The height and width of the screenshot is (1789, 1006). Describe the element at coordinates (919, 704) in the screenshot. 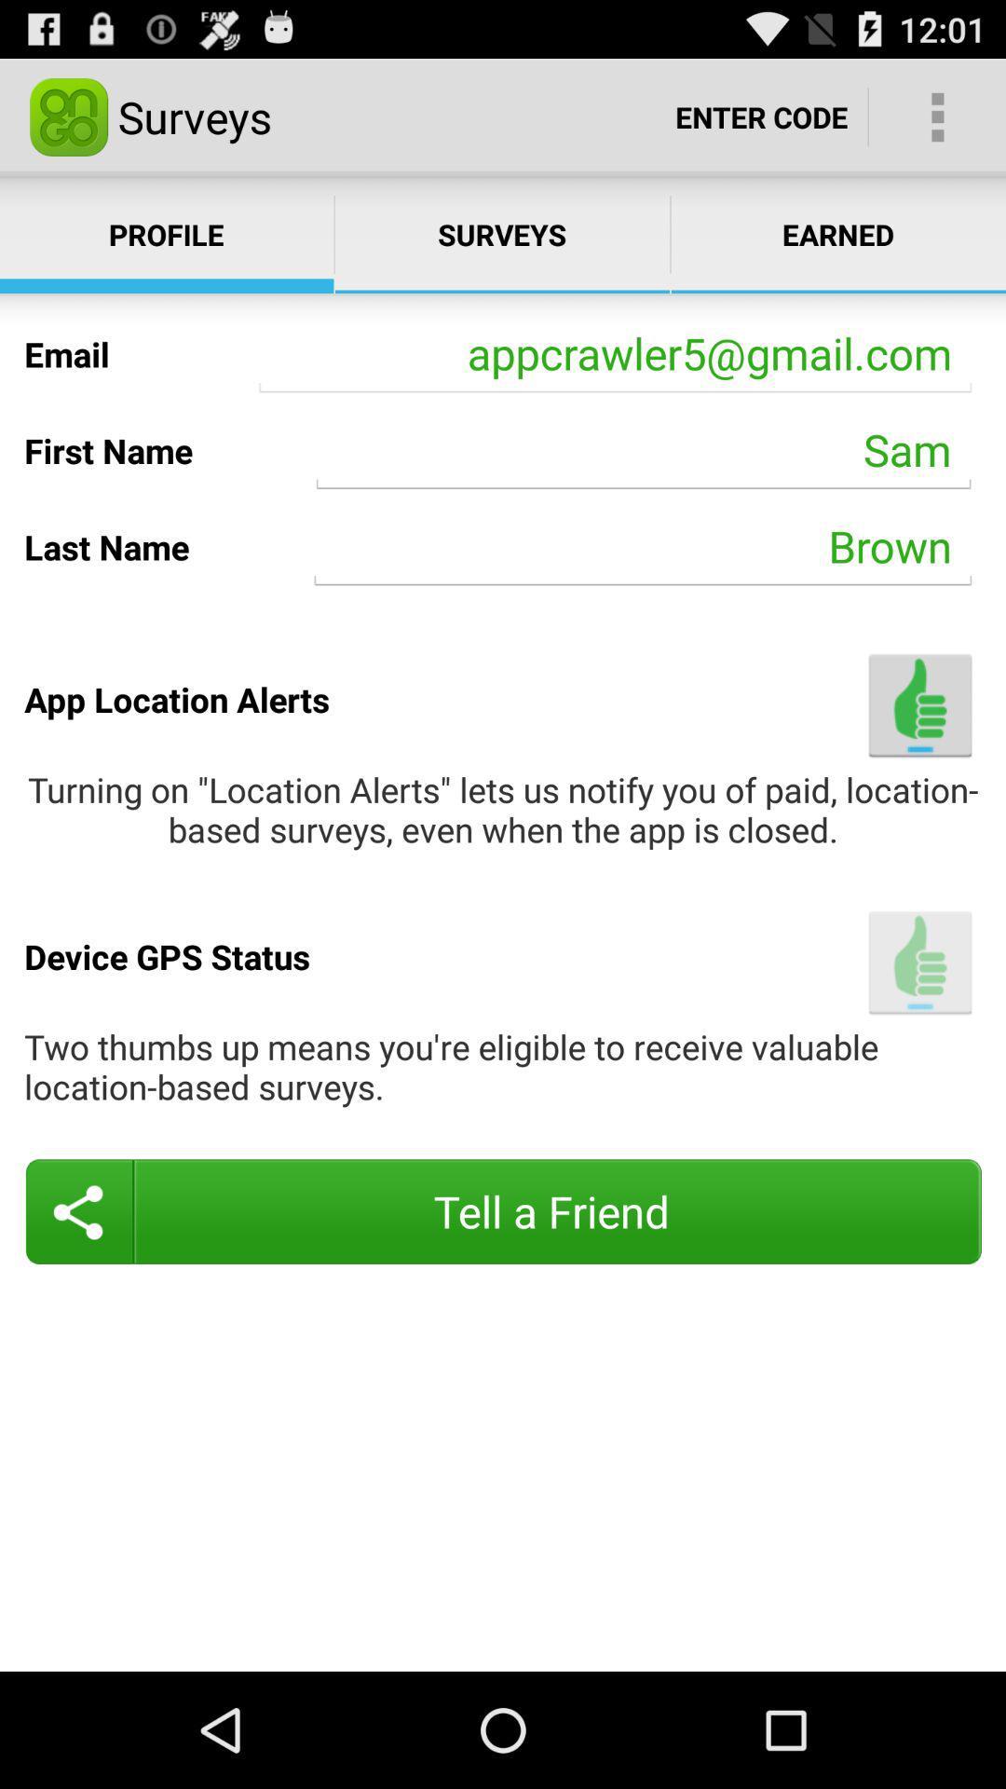

I see `the item below brown` at that location.